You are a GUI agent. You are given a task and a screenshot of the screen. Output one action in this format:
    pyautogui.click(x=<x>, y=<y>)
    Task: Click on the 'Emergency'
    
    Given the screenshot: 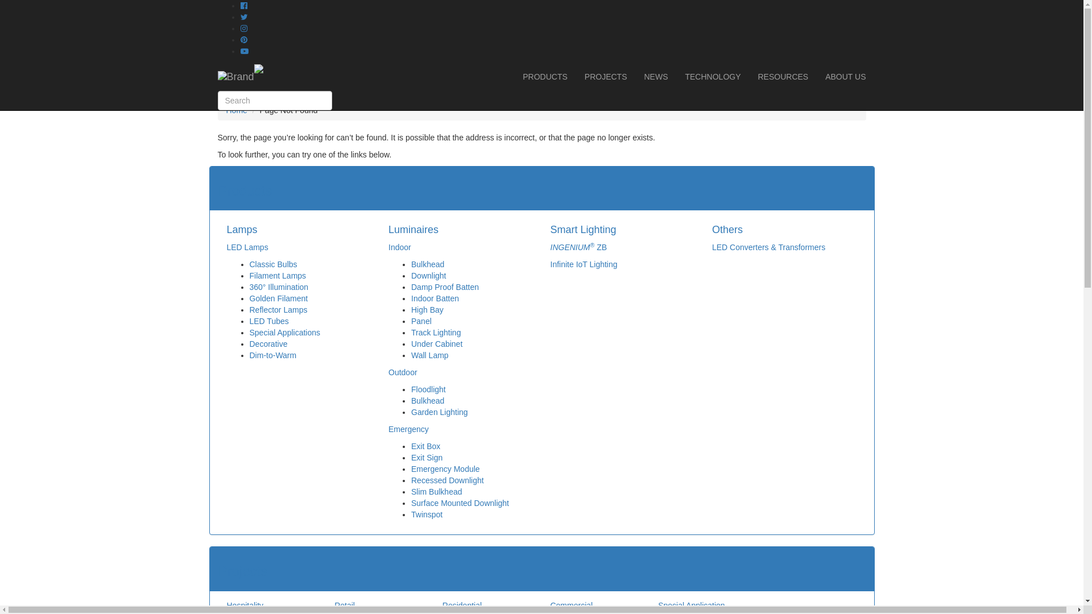 What is the action you would take?
    pyautogui.click(x=408, y=429)
    